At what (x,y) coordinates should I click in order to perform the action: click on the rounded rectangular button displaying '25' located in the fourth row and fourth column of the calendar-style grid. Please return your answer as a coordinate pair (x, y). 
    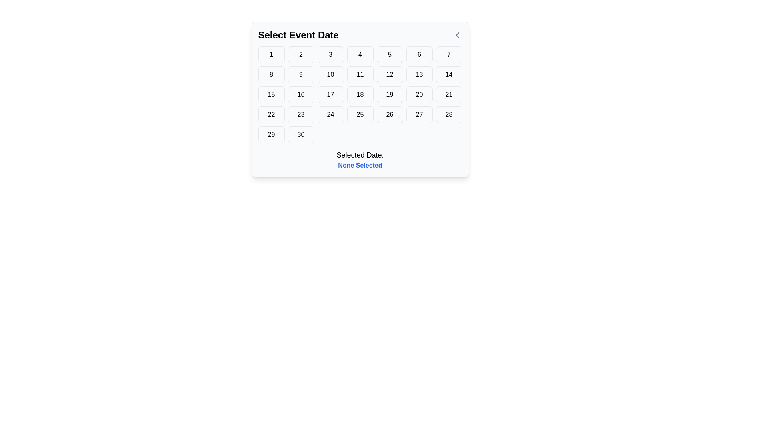
    Looking at the image, I should click on (360, 114).